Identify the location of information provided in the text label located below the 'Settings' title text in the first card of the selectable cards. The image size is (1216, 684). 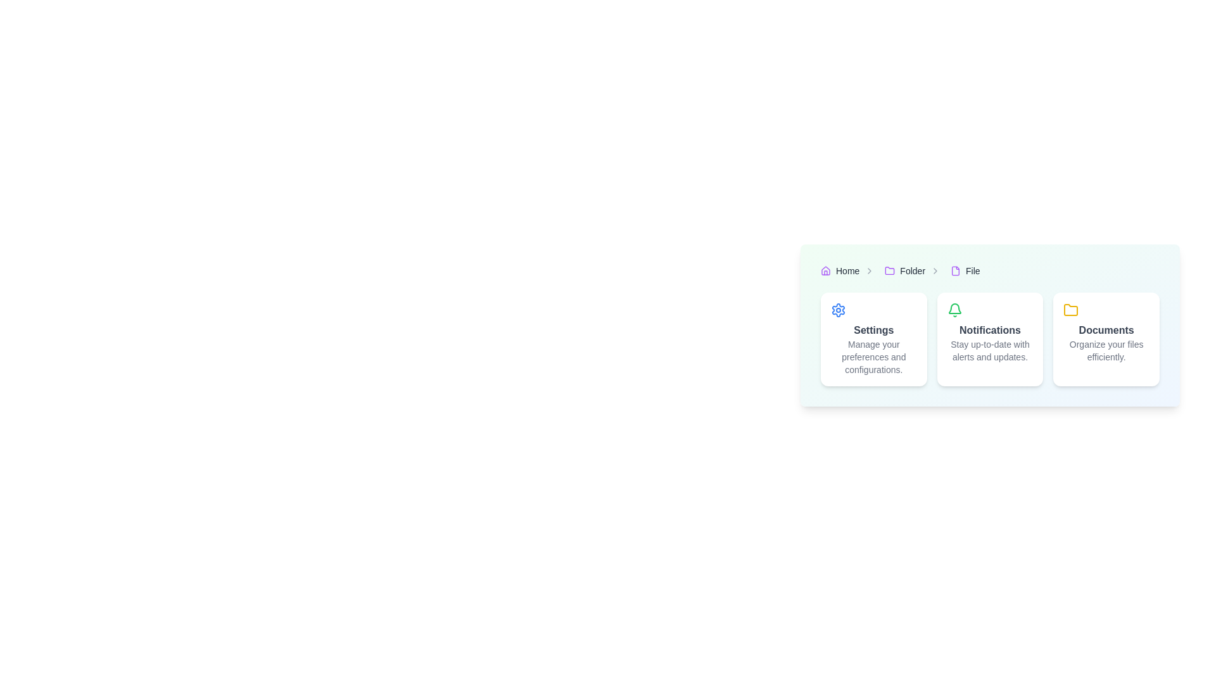
(873, 357).